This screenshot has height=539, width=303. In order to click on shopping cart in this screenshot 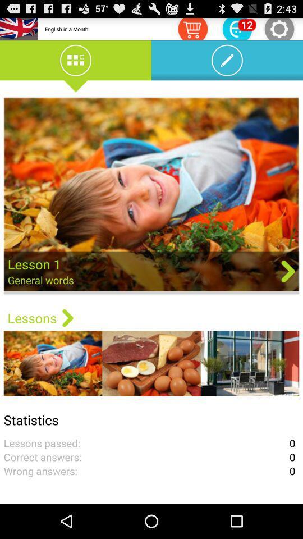, I will do `click(192, 28)`.